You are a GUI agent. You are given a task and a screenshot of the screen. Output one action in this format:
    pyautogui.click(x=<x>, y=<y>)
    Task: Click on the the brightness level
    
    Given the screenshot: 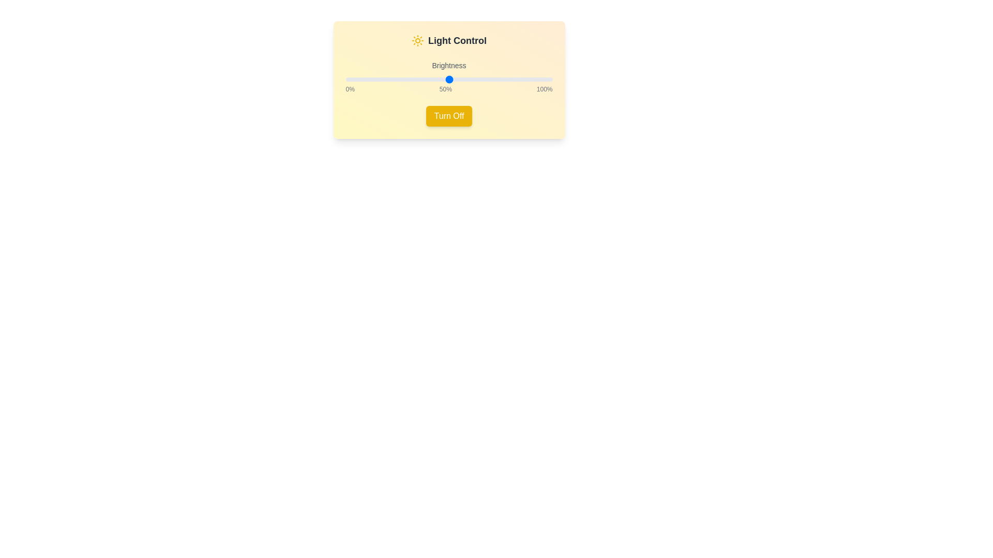 What is the action you would take?
    pyautogui.click(x=348, y=79)
    